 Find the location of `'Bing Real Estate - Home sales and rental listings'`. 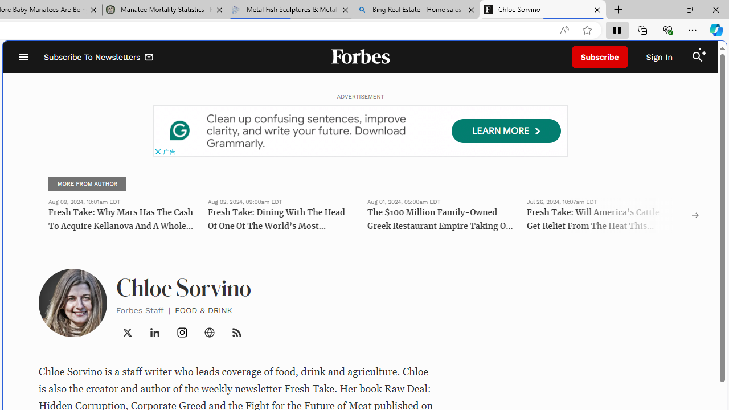

'Bing Real Estate - Home sales and rental listings' is located at coordinates (416, 10).